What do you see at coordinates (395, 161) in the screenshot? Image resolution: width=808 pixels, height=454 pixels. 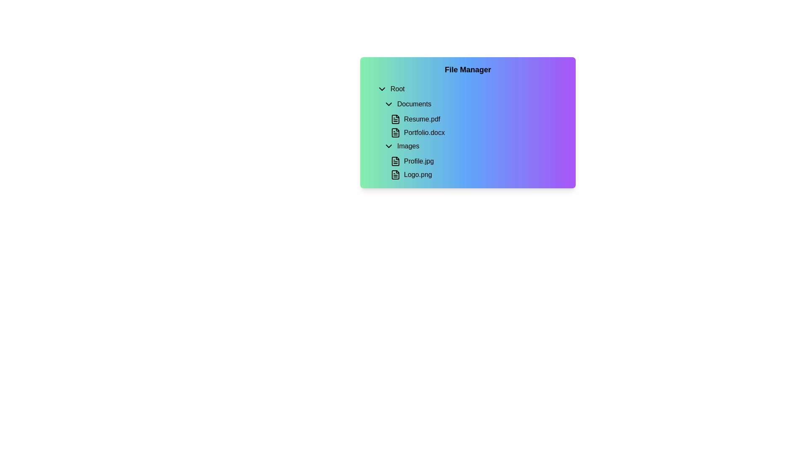 I see `the file icon represented by a black page with a folded corner, associated with the text 'Profile.jpg', located under the 'Images' folder` at bounding box center [395, 161].